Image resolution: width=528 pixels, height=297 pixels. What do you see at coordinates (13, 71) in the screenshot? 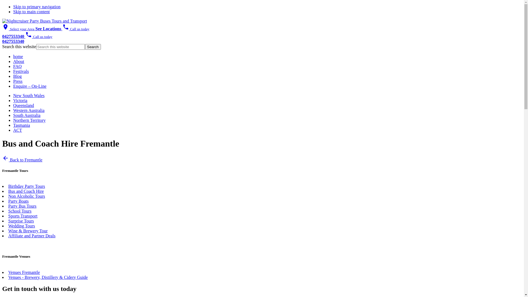
I see `'Festivals'` at bounding box center [13, 71].